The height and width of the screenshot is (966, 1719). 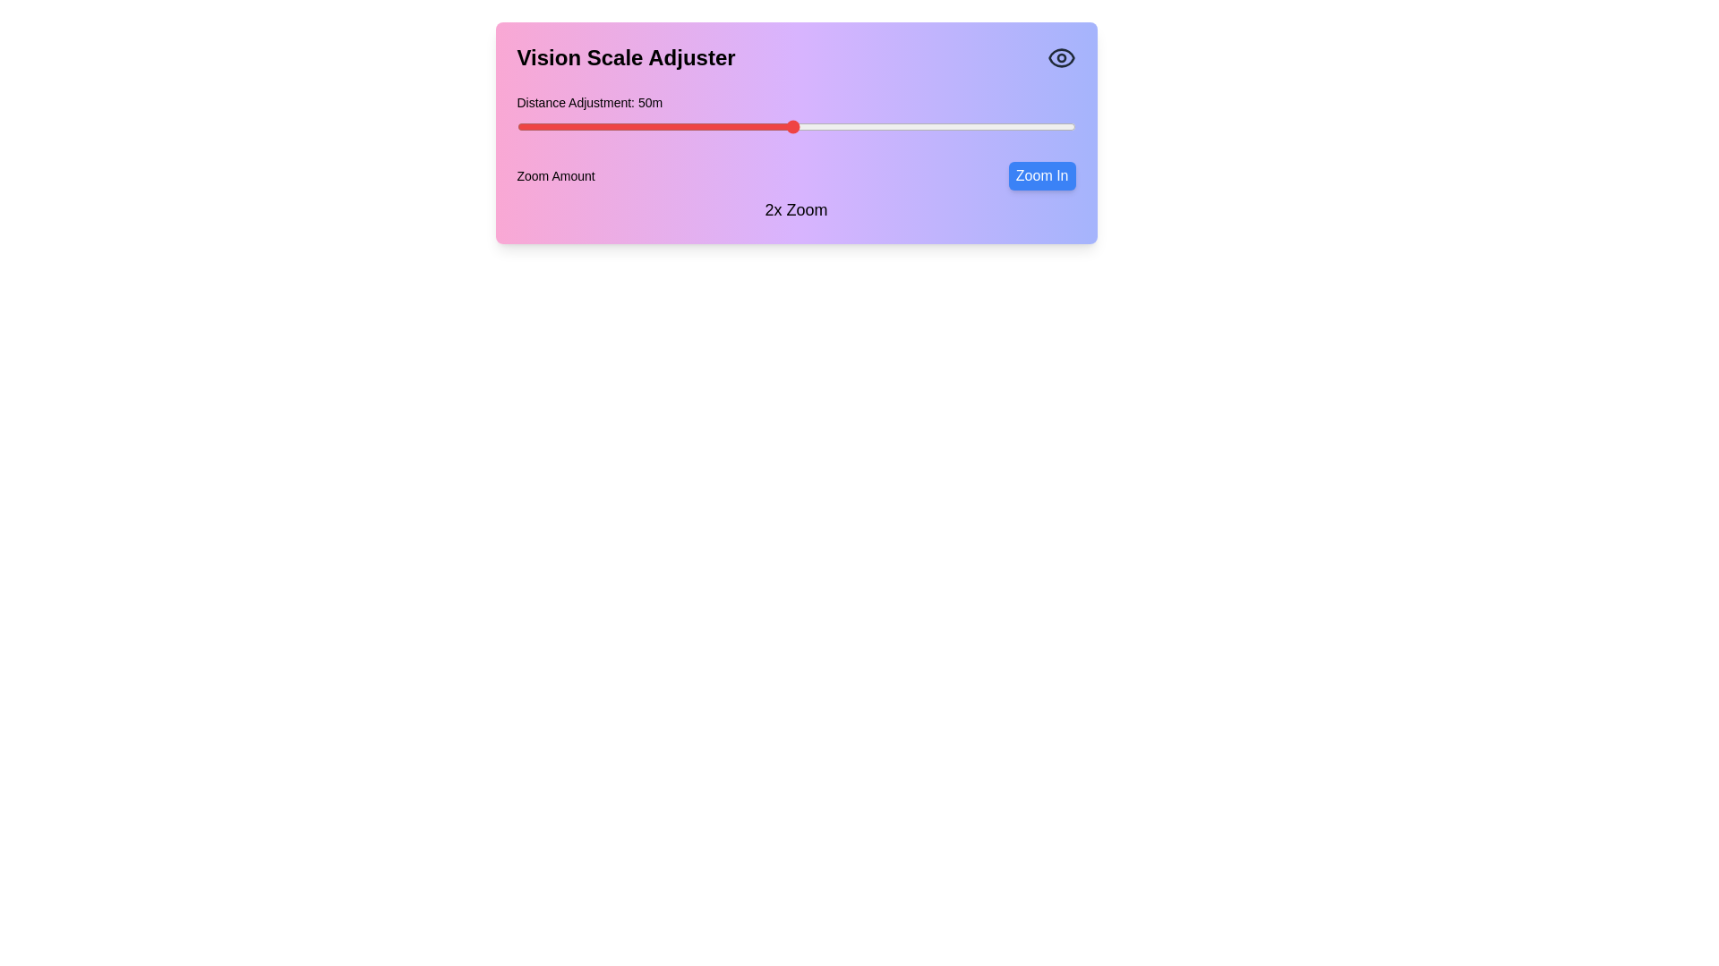 I want to click on the distance adjustment, so click(x=826, y=126).